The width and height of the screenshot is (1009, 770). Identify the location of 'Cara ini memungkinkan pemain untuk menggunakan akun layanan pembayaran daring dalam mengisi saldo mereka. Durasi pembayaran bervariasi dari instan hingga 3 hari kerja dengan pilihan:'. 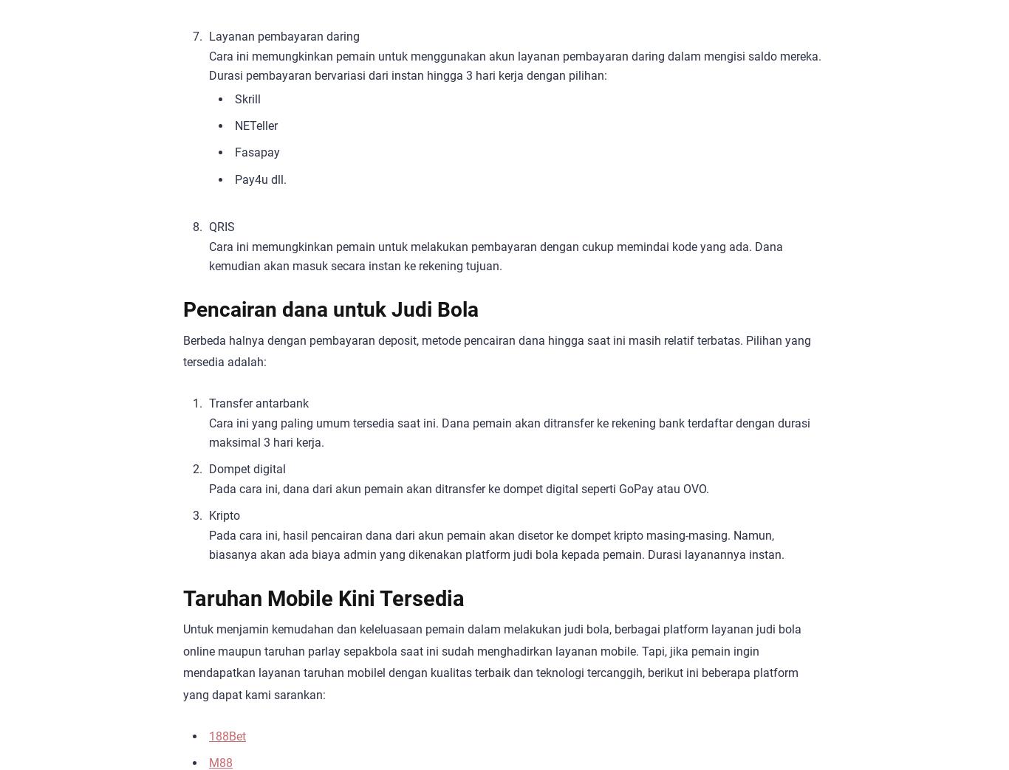
(515, 65).